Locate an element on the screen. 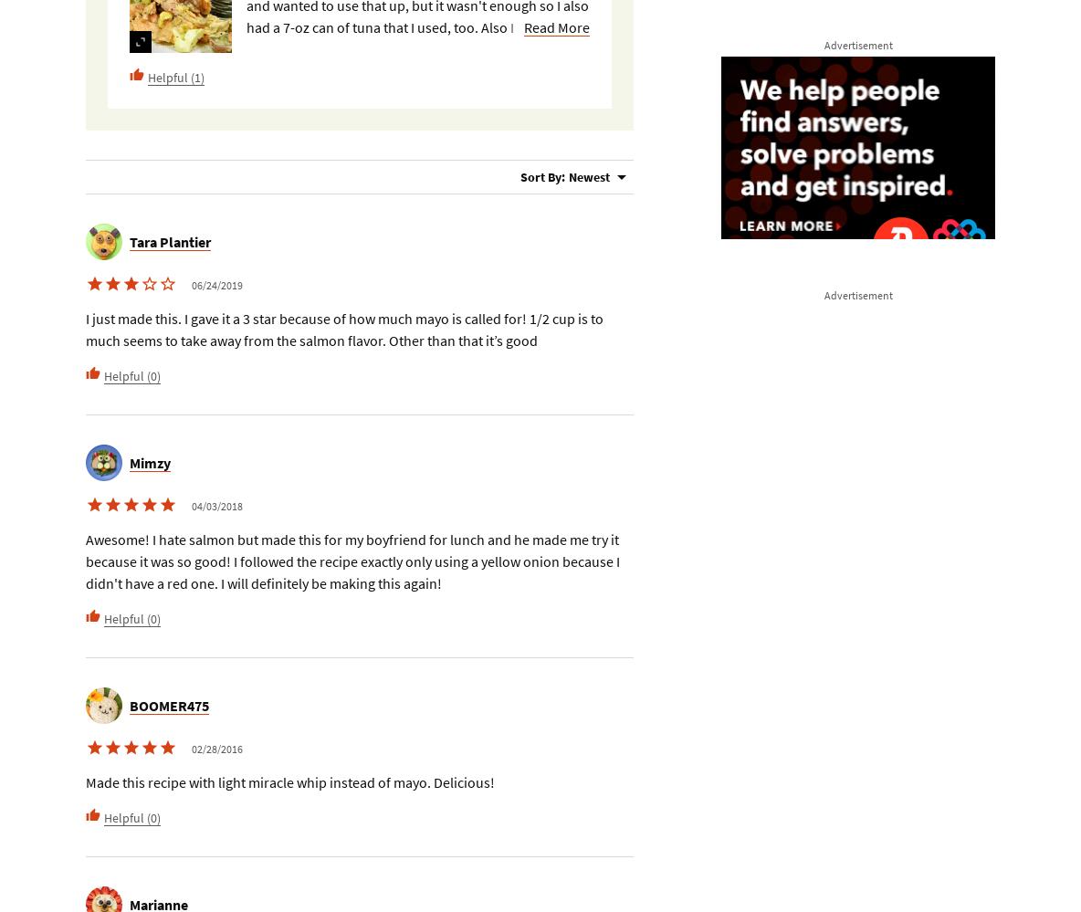 The image size is (1081, 912). '04/03/2018' is located at coordinates (191, 505).